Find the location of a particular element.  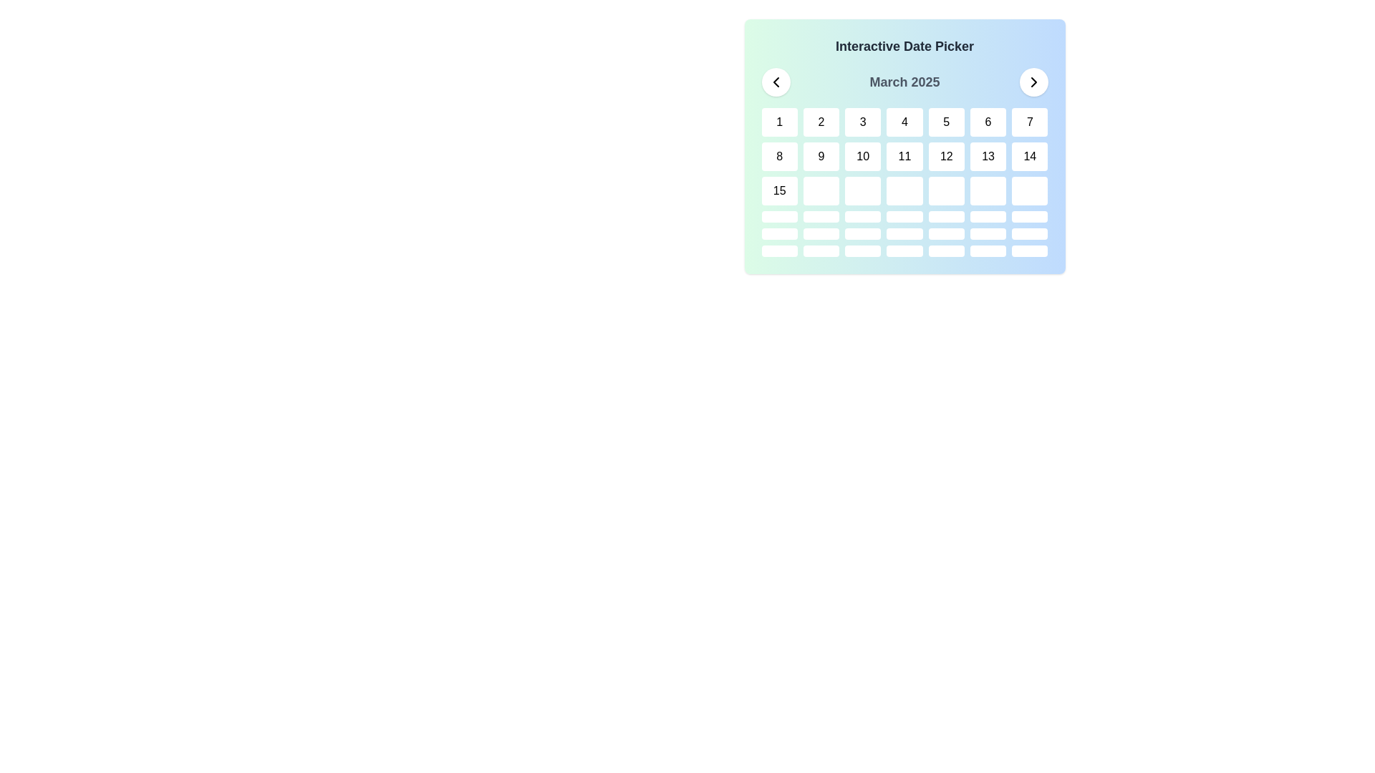

the interactive date selection button located is located at coordinates (988, 233).